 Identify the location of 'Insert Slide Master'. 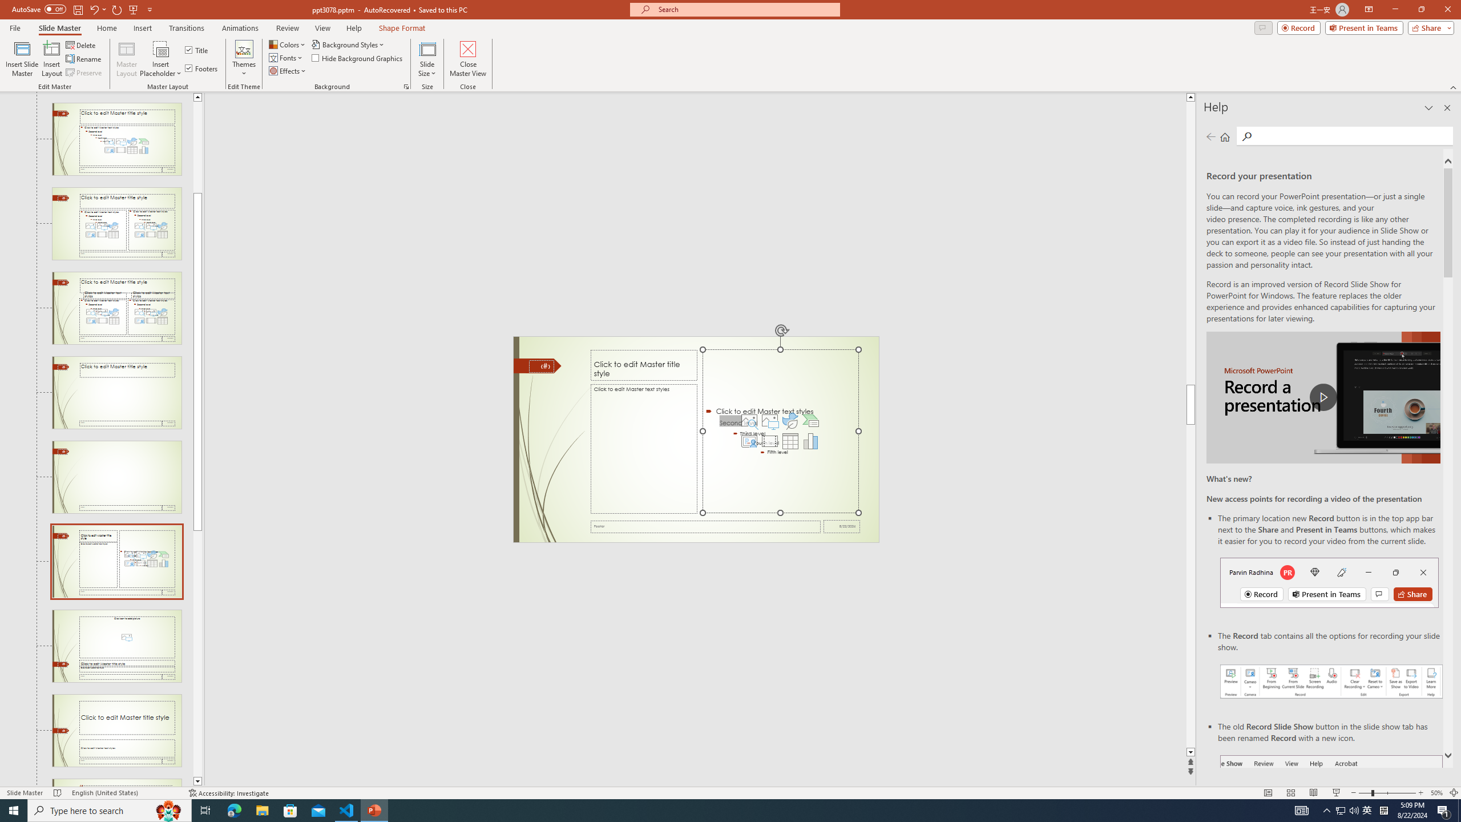
(21, 59).